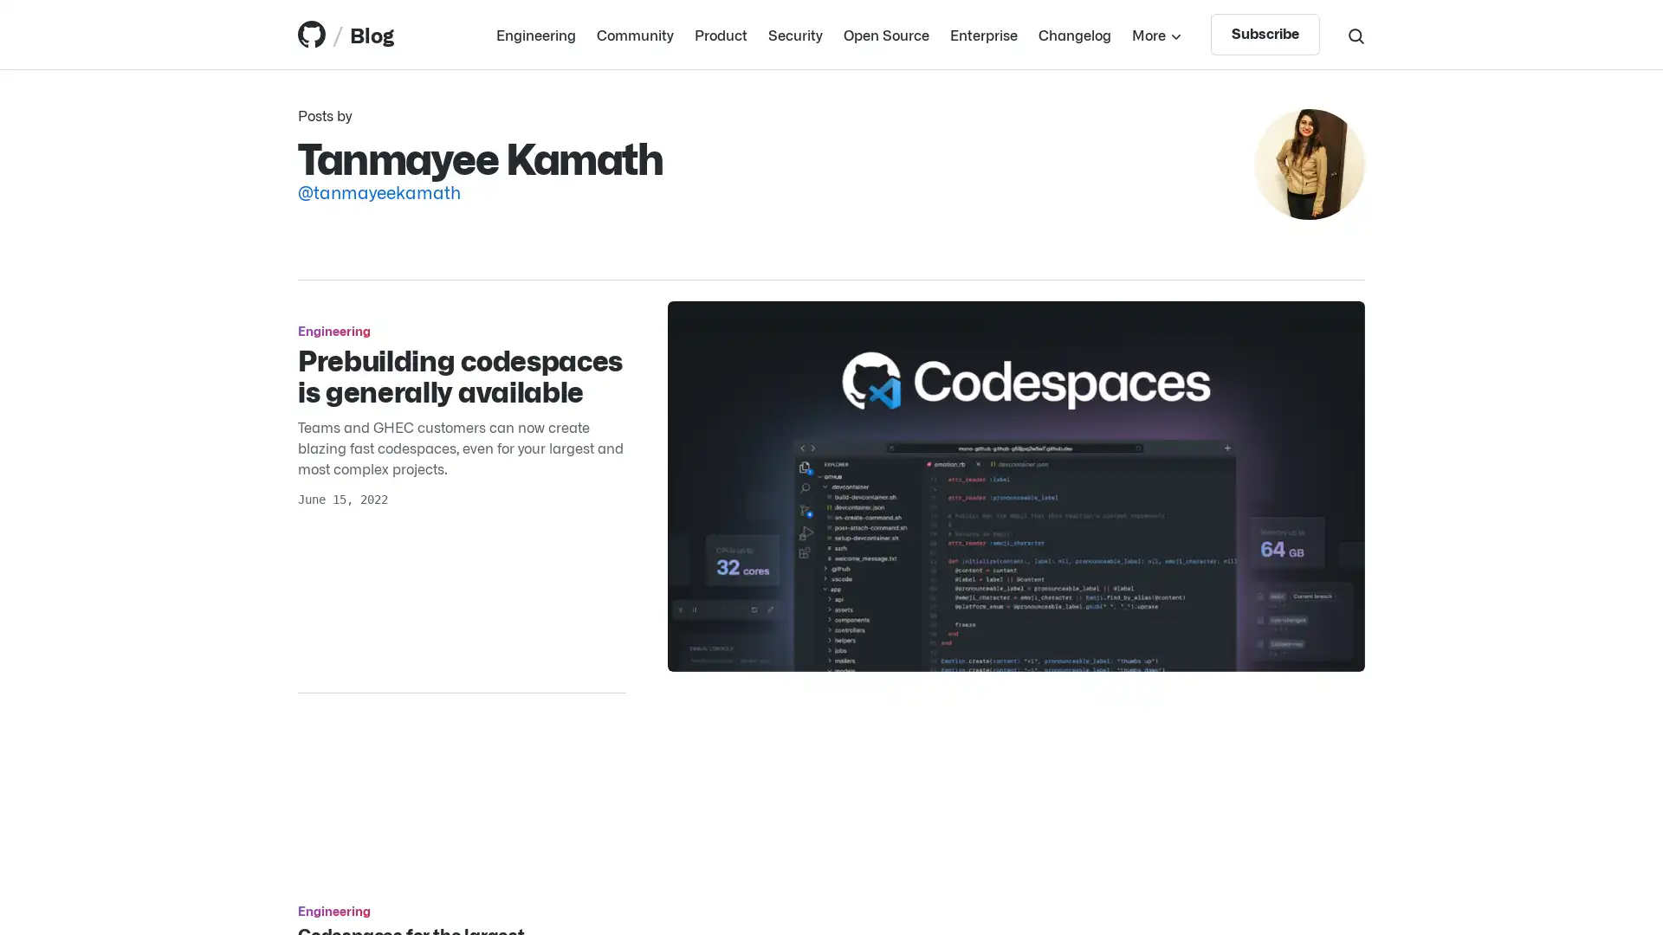 This screenshot has width=1663, height=935. I want to click on Search toggle, so click(1355, 33).